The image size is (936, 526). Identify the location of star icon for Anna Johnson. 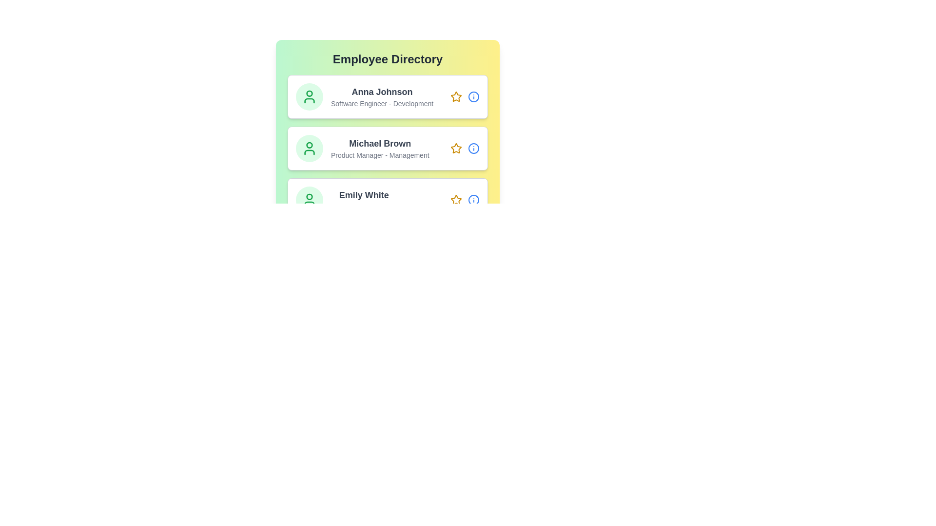
(456, 97).